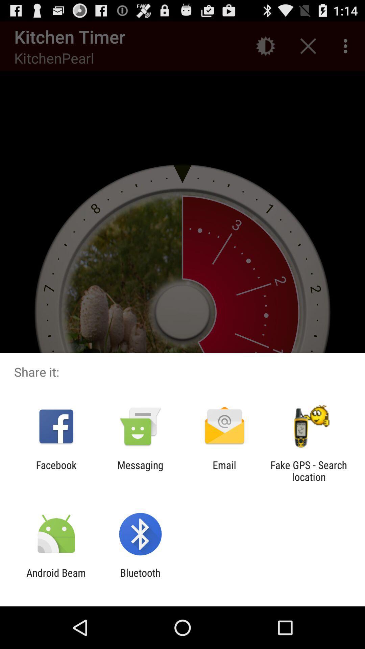  What do you see at coordinates (140, 471) in the screenshot?
I see `item next to the email app` at bounding box center [140, 471].